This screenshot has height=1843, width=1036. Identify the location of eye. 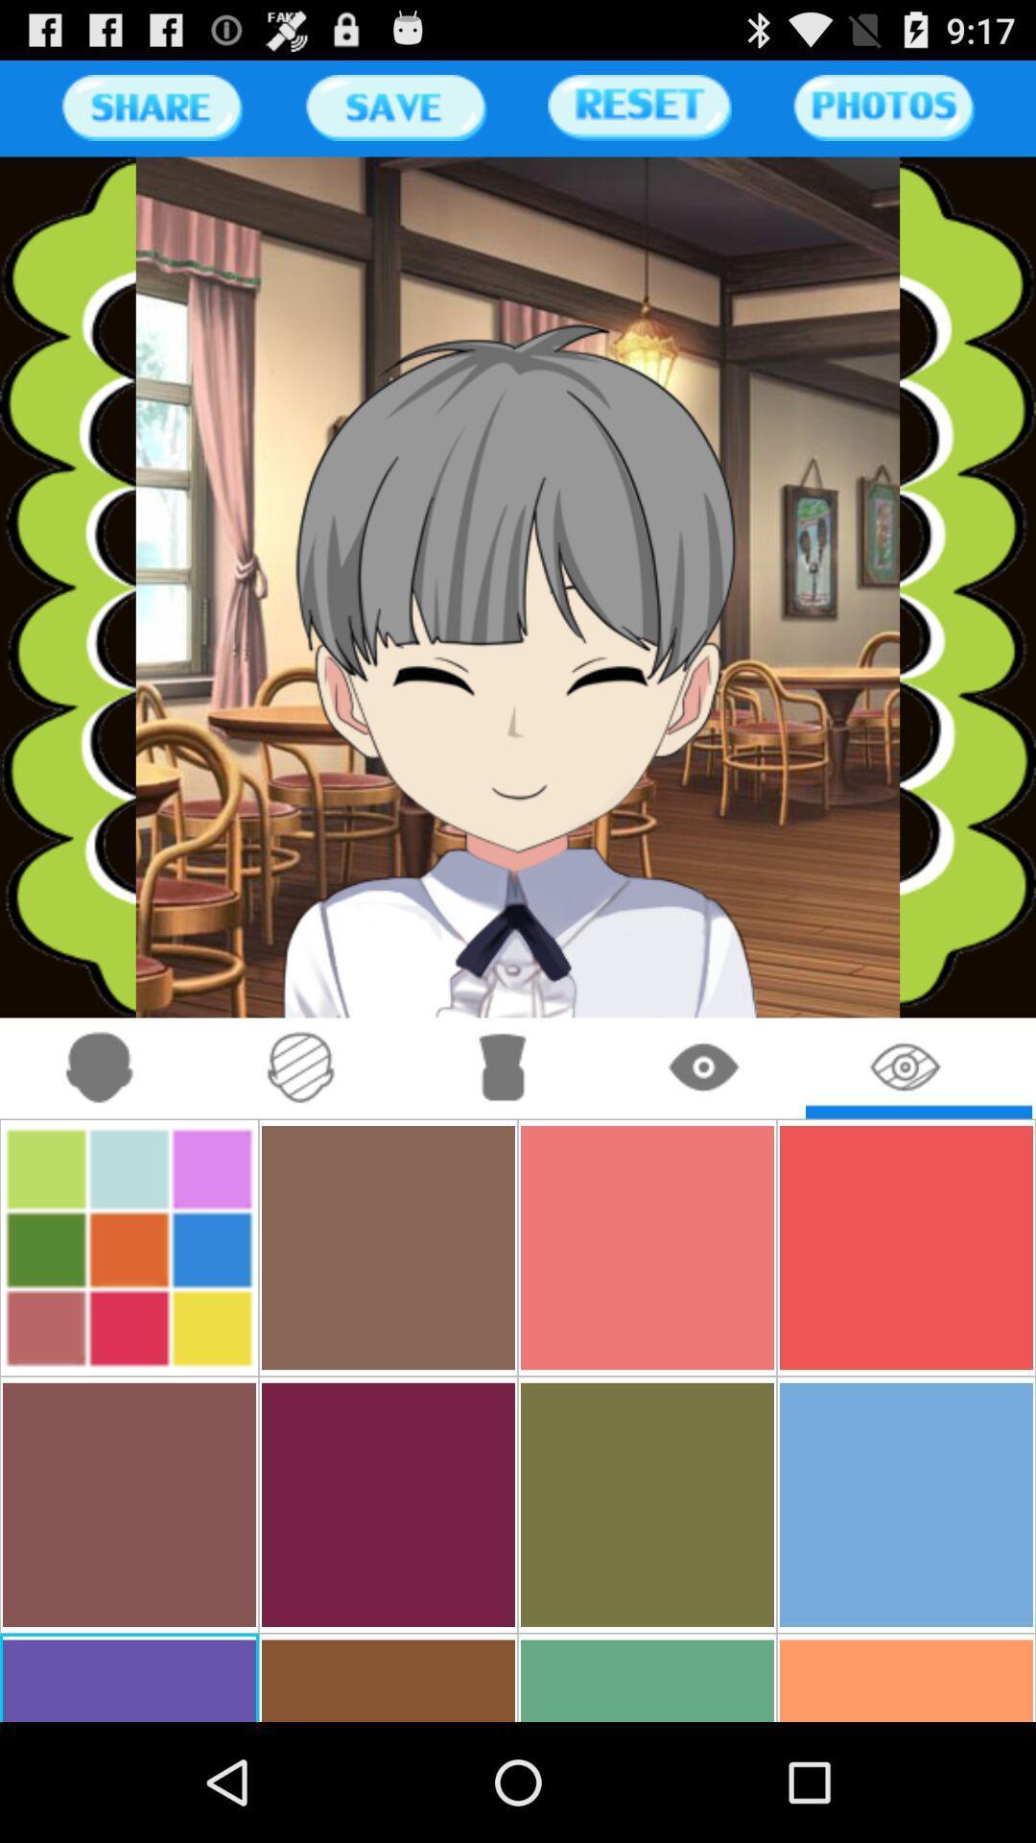
(705, 1067).